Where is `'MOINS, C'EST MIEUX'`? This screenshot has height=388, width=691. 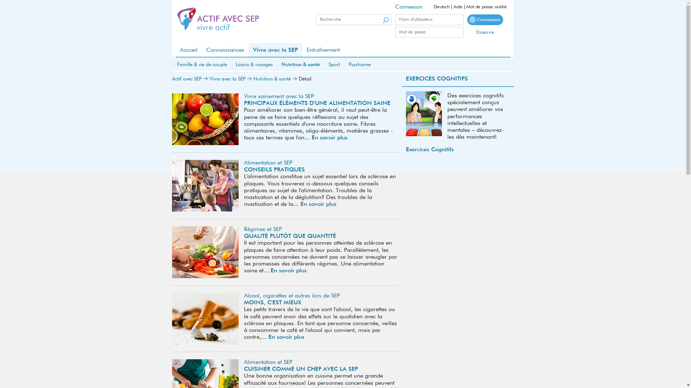
'MOINS, C'EST MIEUX' is located at coordinates (244, 303).